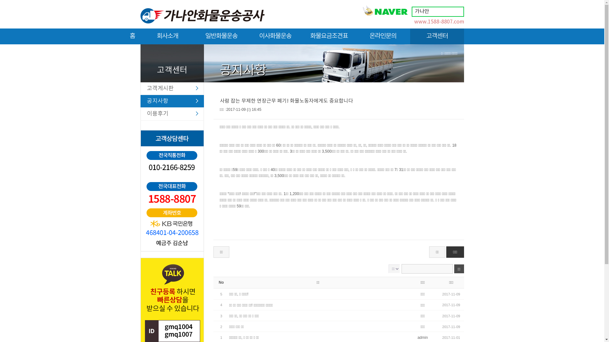  I want to click on 'admin', so click(422, 337).